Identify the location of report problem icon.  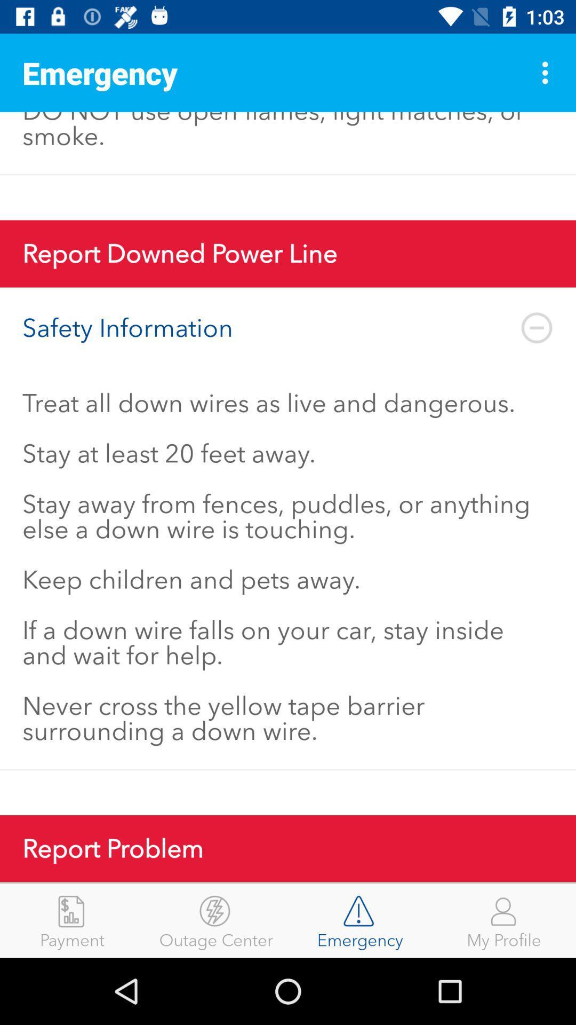
(288, 848).